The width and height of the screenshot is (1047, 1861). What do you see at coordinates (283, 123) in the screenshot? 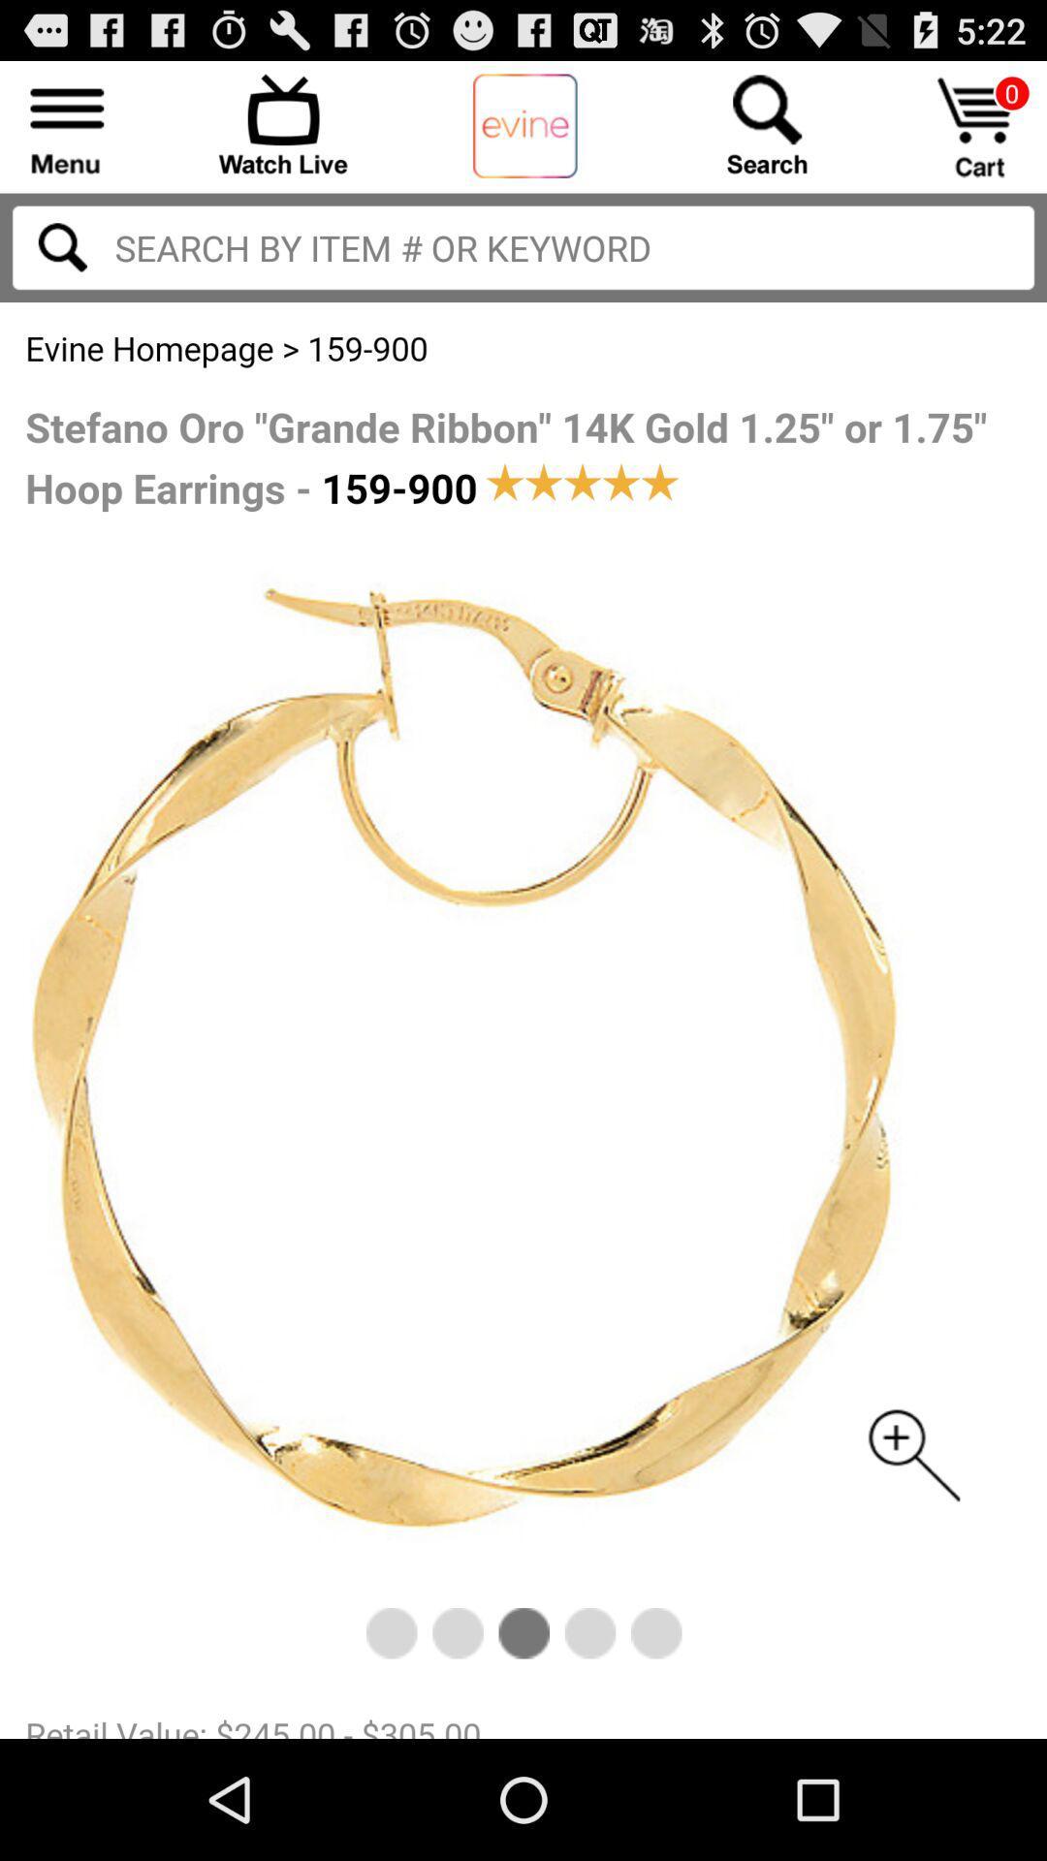
I see `watch live stream` at bounding box center [283, 123].